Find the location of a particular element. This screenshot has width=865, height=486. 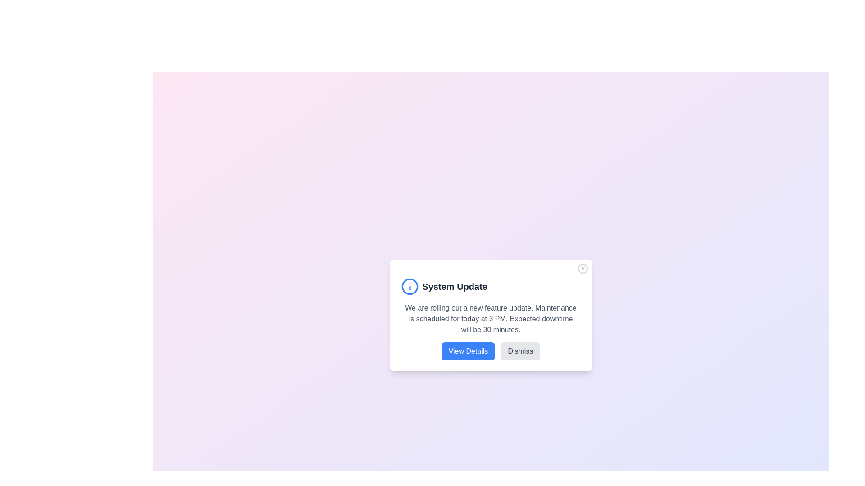

the text element that describes the system update and maintenance schedule, which is centrally aligned within the modal dialog and has a gray font color is located at coordinates (490, 319).